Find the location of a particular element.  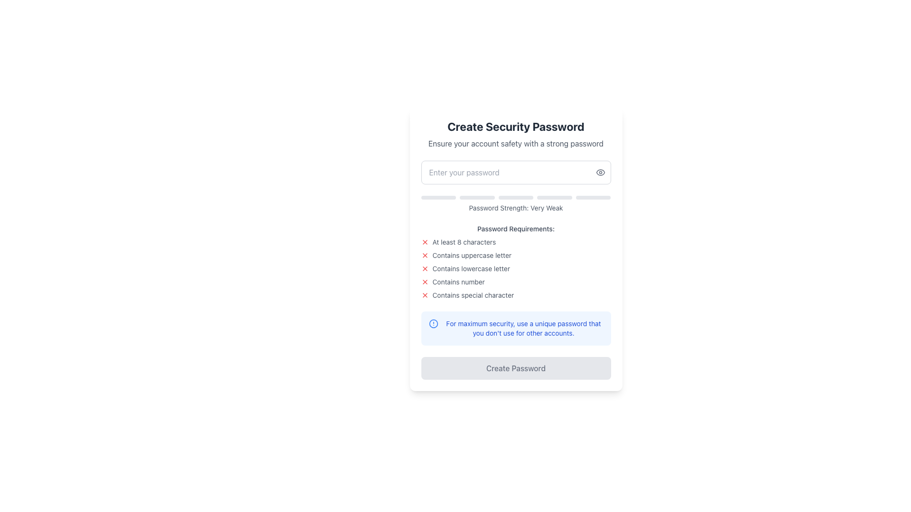

the guideline indicator element that informs the user about the password requirement for including a number, which is the fourth item in the password requirements list is located at coordinates (515, 281).